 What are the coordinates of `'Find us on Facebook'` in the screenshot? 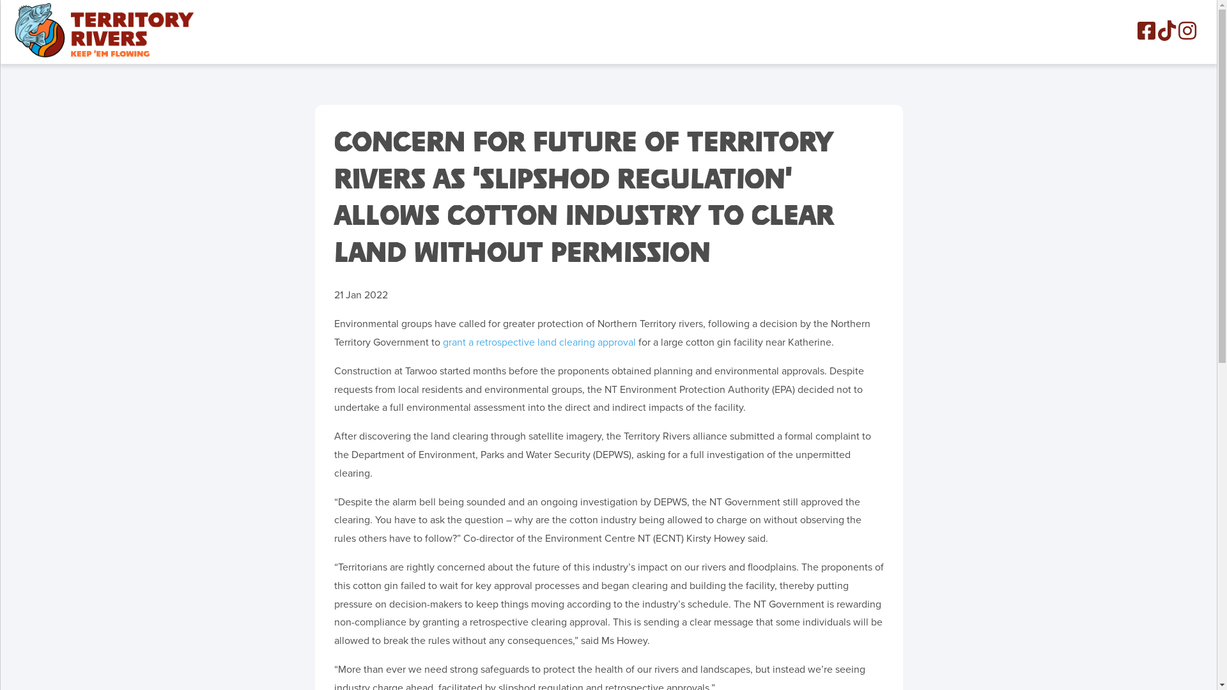 It's located at (1146, 29).